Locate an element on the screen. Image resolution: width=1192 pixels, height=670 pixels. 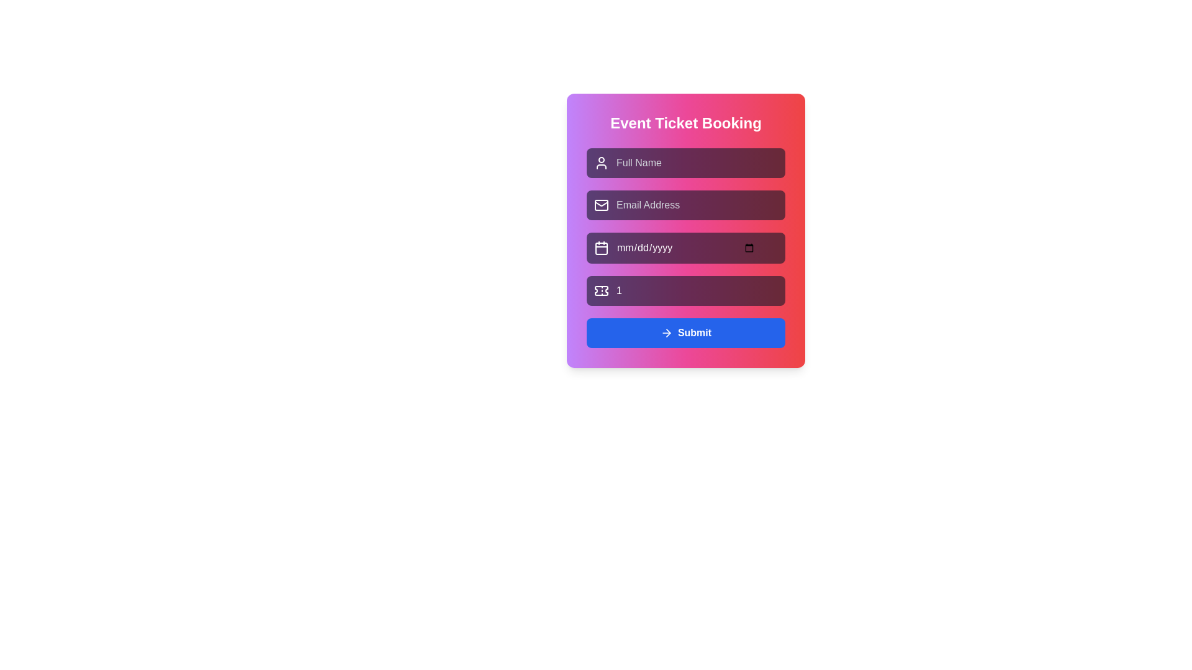
the submit button located at the bottom of the form is located at coordinates (685, 332).